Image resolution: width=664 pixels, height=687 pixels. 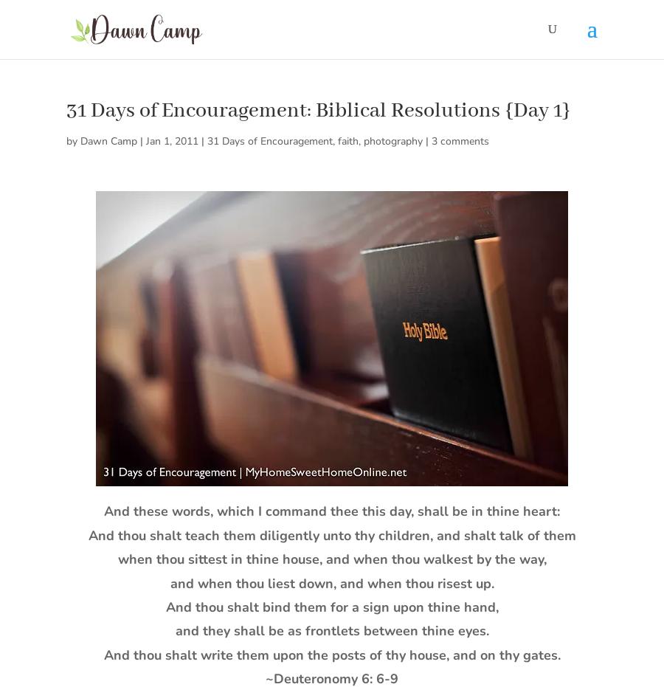 What do you see at coordinates (331, 630) in the screenshot?
I see `'and they shall be as frontlets between thine eyes.'` at bounding box center [331, 630].